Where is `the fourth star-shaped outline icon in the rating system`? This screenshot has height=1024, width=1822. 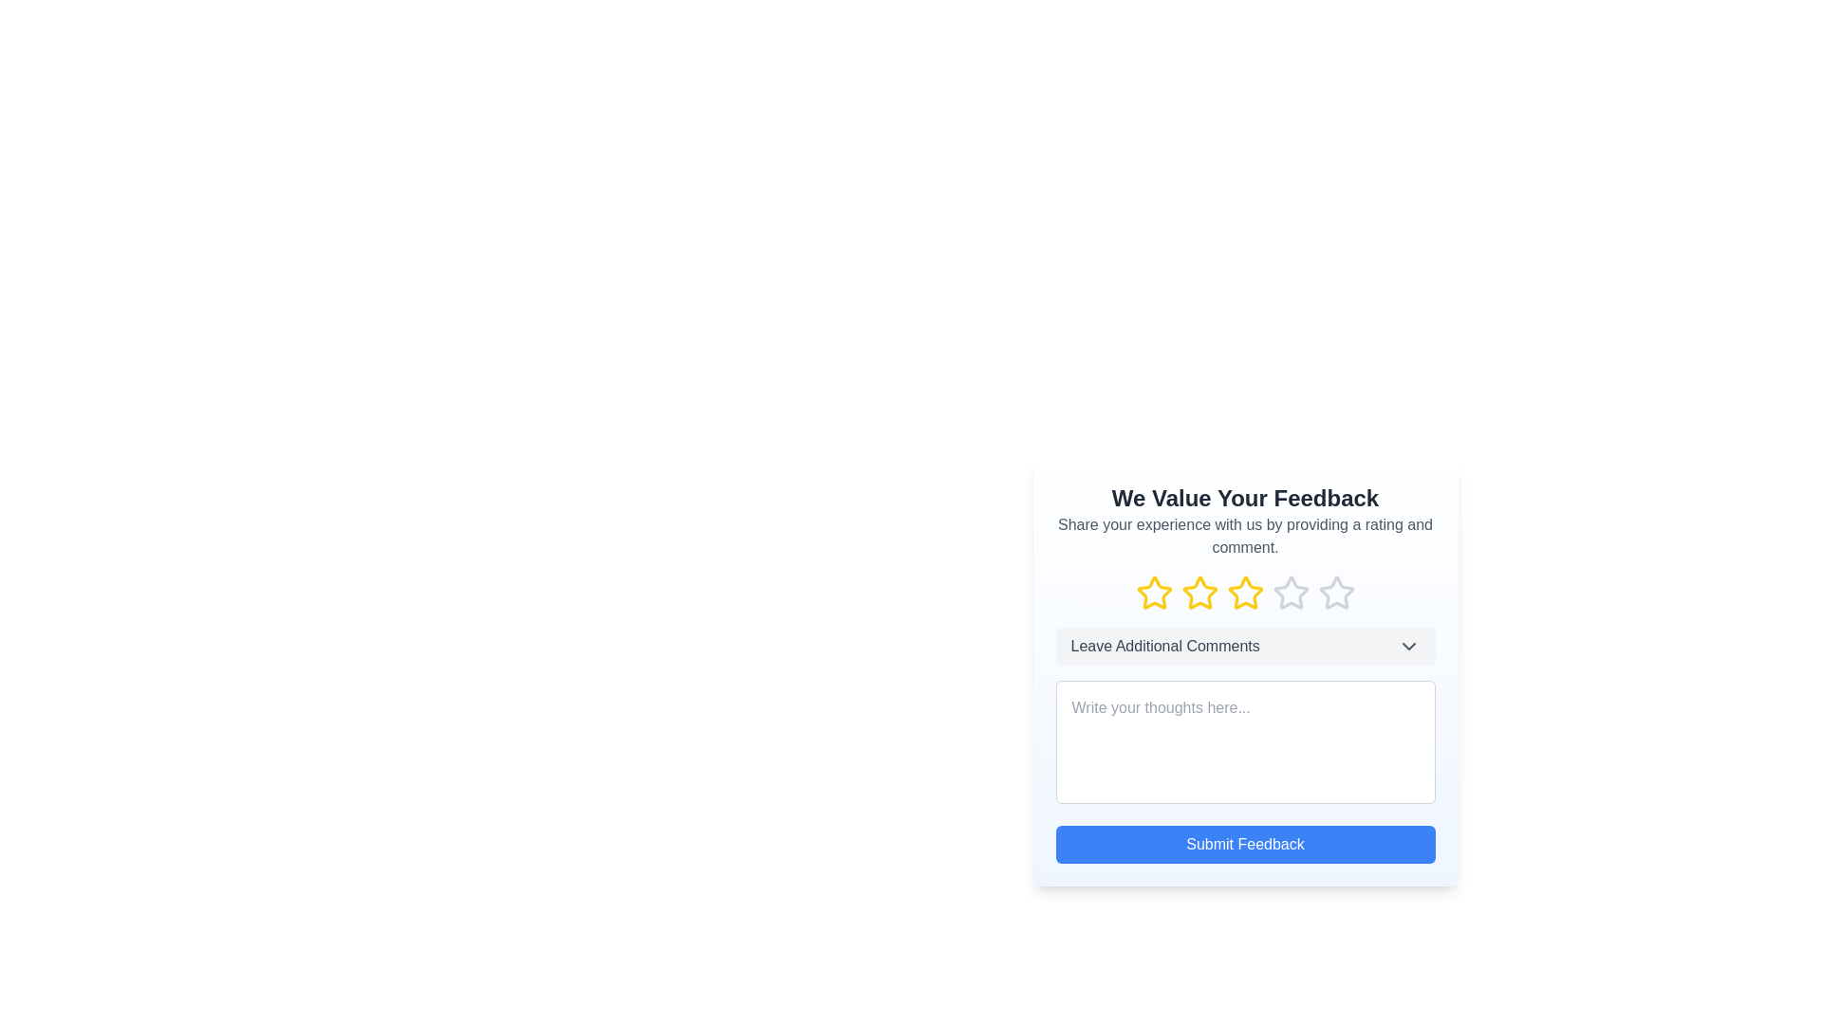 the fourth star-shaped outline icon in the rating system is located at coordinates (1291, 592).